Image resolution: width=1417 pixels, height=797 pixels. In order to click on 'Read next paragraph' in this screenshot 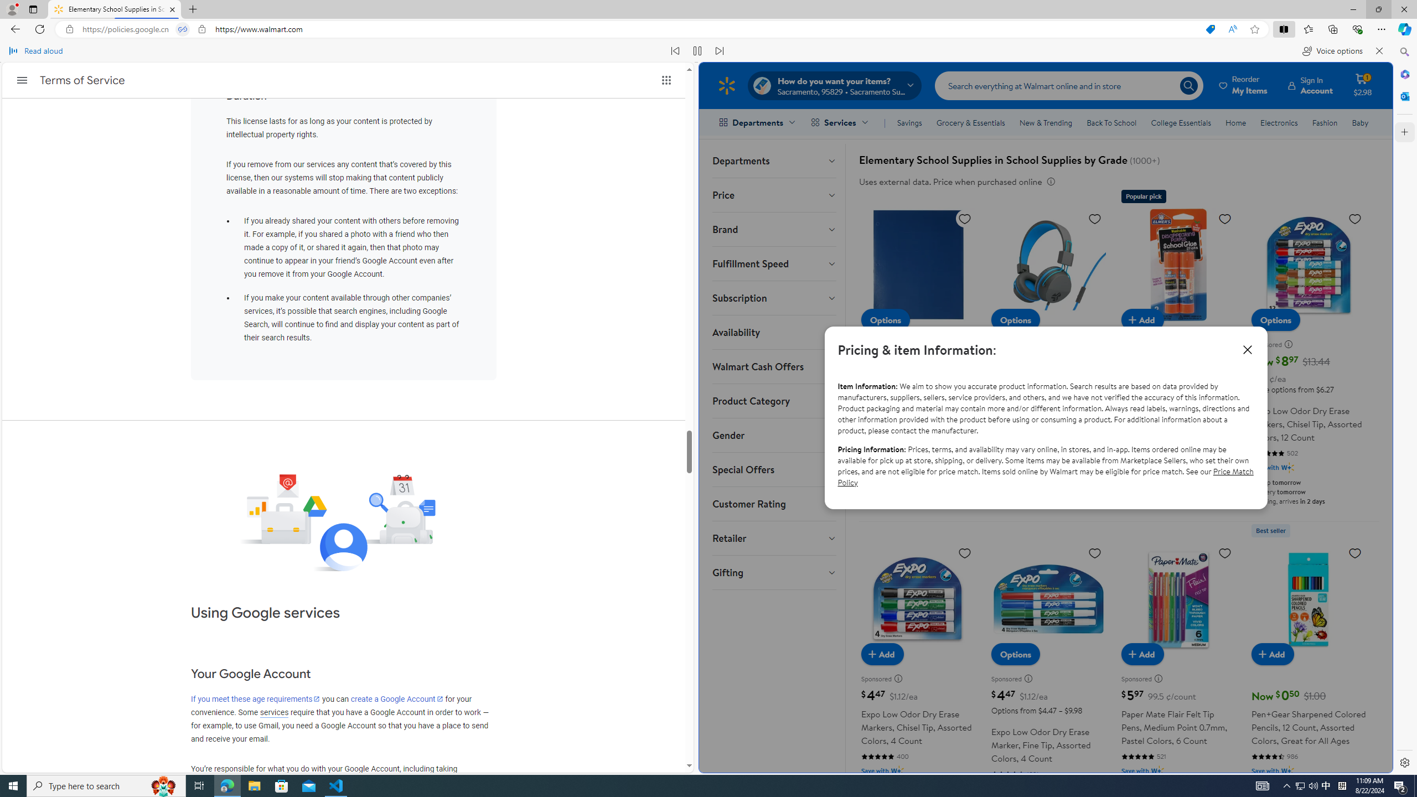, I will do `click(720, 50)`.